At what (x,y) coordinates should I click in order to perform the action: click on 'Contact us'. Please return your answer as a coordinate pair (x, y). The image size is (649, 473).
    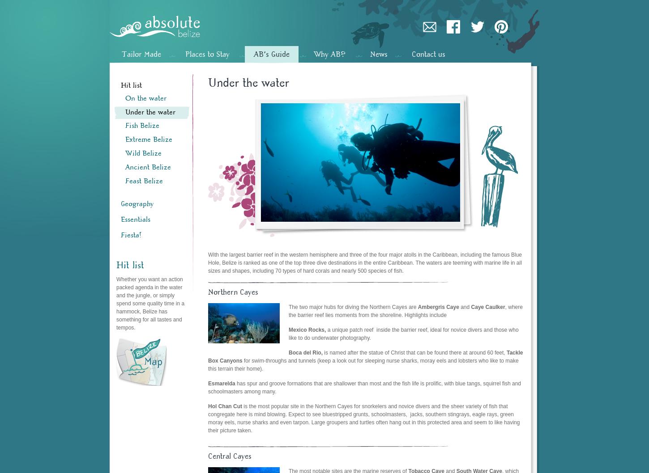
    Looking at the image, I should click on (428, 54).